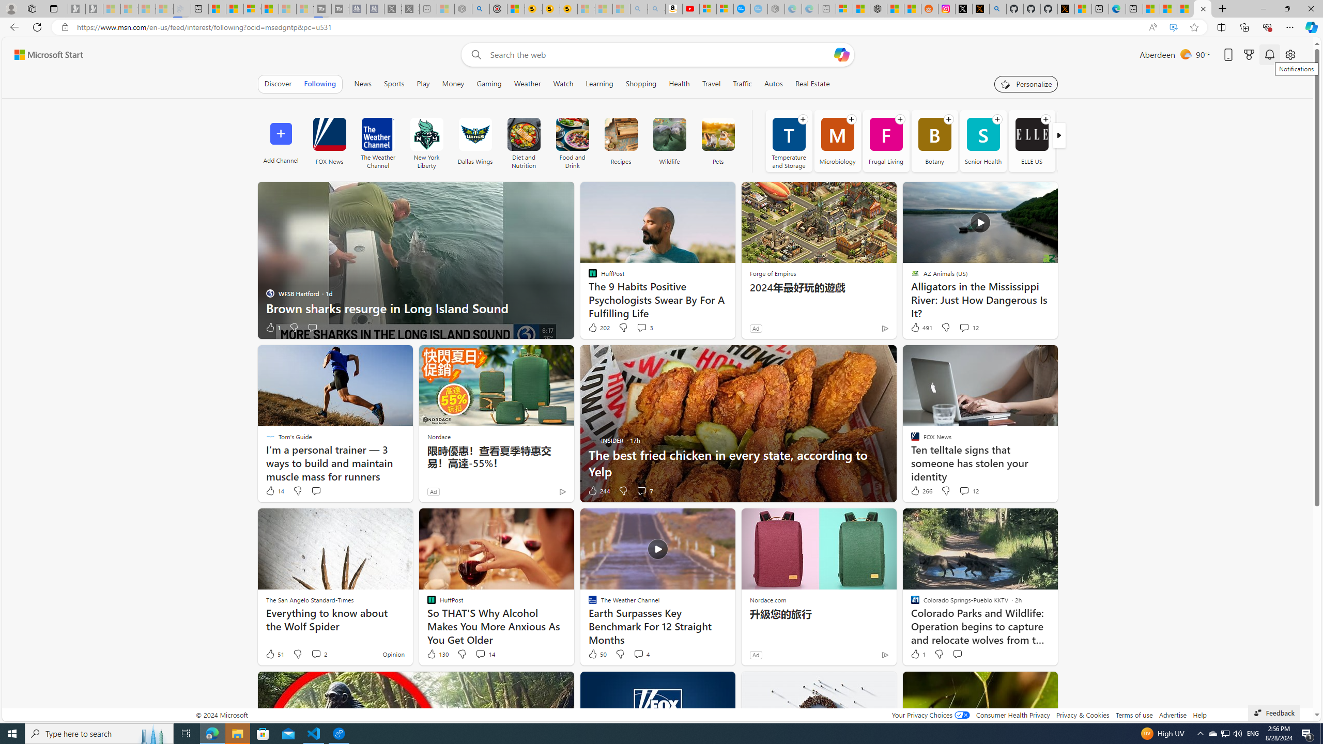 This screenshot has height=744, width=1323. Describe the element at coordinates (641, 327) in the screenshot. I see `'View comments 3 Comment'` at that location.